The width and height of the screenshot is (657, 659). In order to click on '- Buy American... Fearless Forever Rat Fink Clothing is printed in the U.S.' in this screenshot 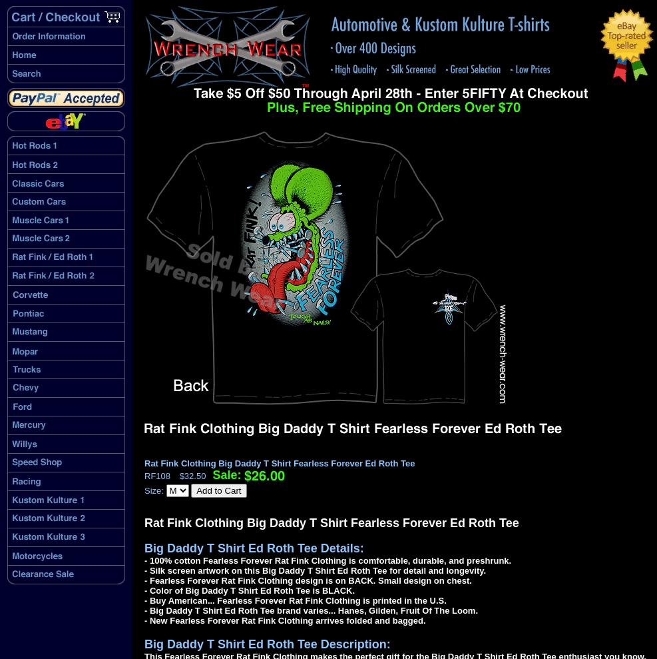, I will do `click(294, 600)`.